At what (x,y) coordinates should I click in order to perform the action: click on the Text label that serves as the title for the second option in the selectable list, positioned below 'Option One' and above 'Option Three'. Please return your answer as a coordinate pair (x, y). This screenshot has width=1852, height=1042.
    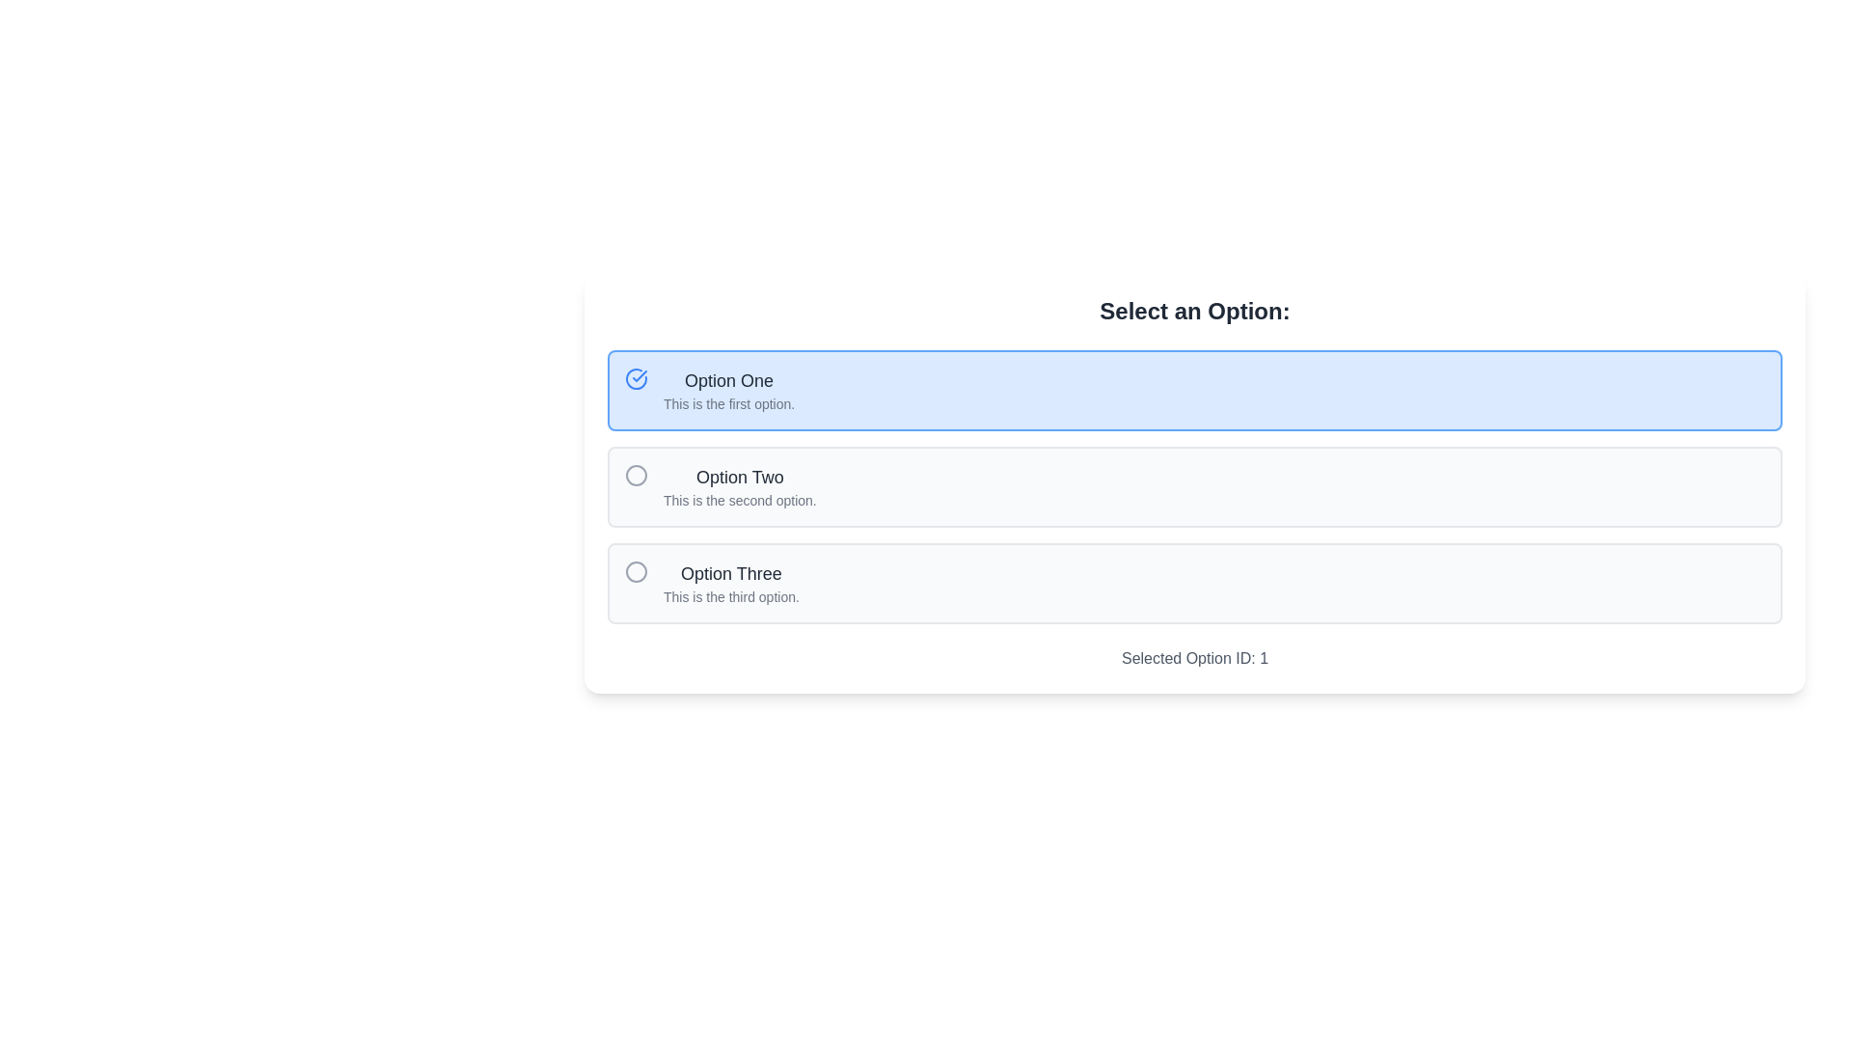
    Looking at the image, I should click on (739, 477).